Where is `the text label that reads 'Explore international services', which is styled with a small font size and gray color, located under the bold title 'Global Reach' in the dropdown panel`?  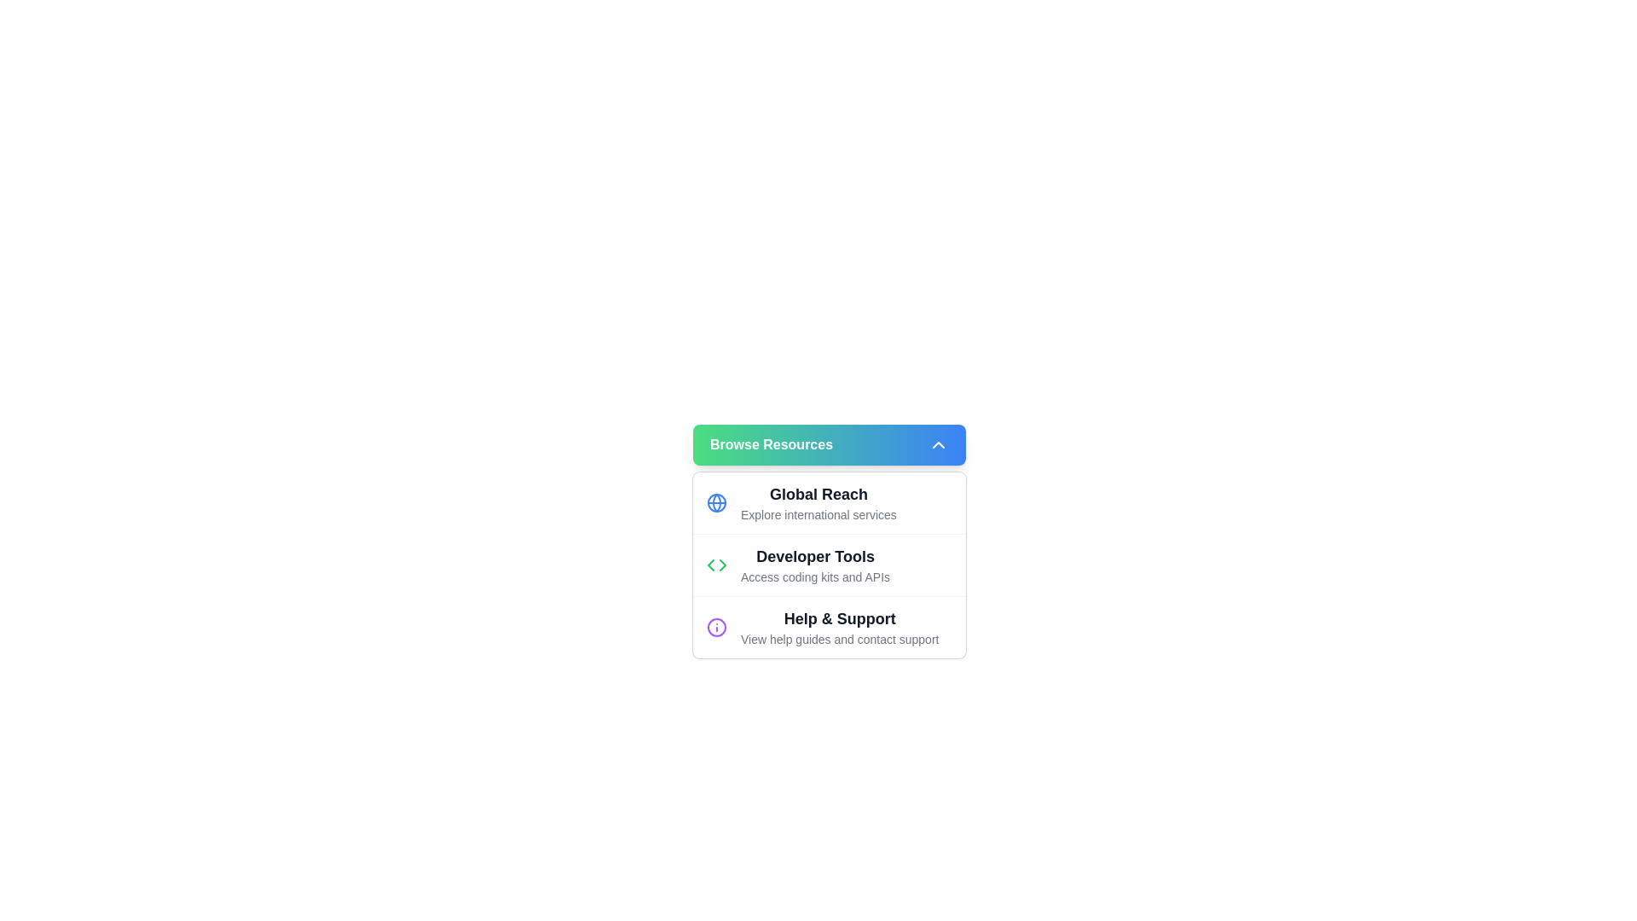 the text label that reads 'Explore international services', which is styled with a small font size and gray color, located under the bold title 'Global Reach' in the dropdown panel is located at coordinates (818, 514).